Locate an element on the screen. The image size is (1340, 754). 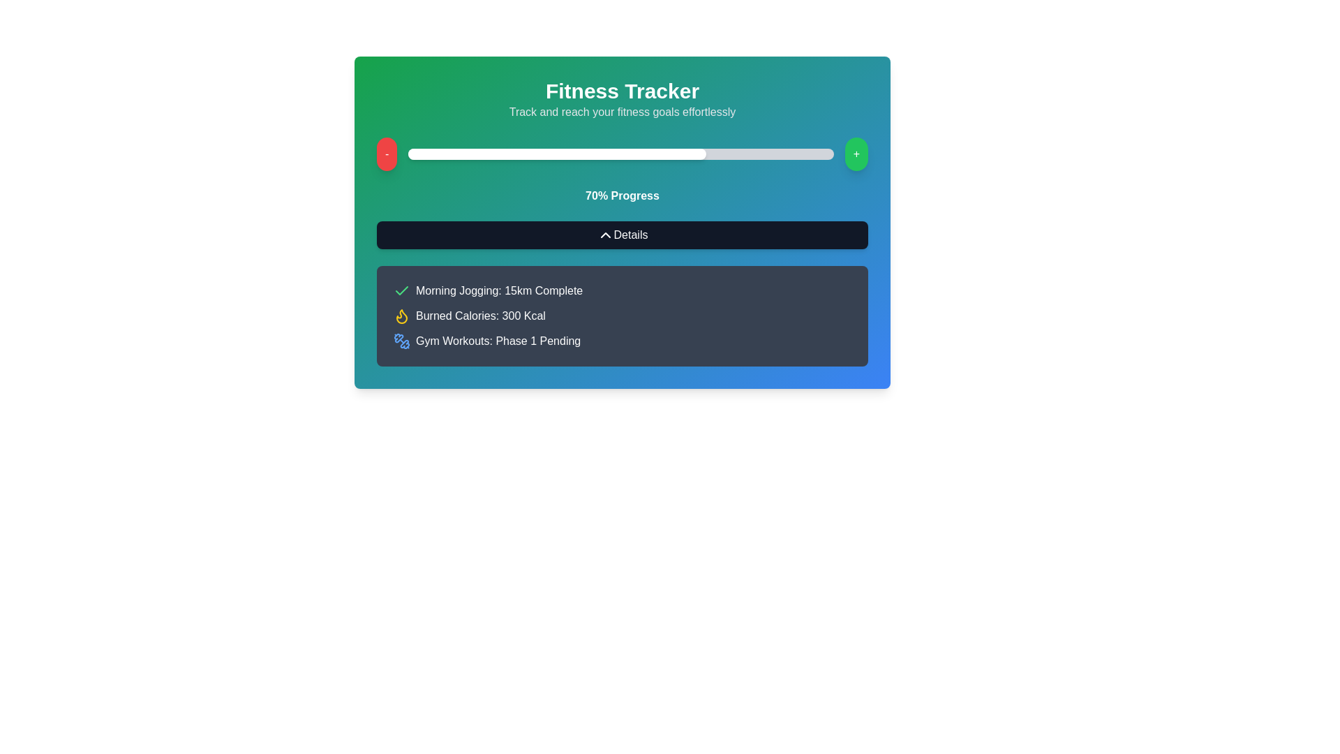
progress is located at coordinates (612, 154).